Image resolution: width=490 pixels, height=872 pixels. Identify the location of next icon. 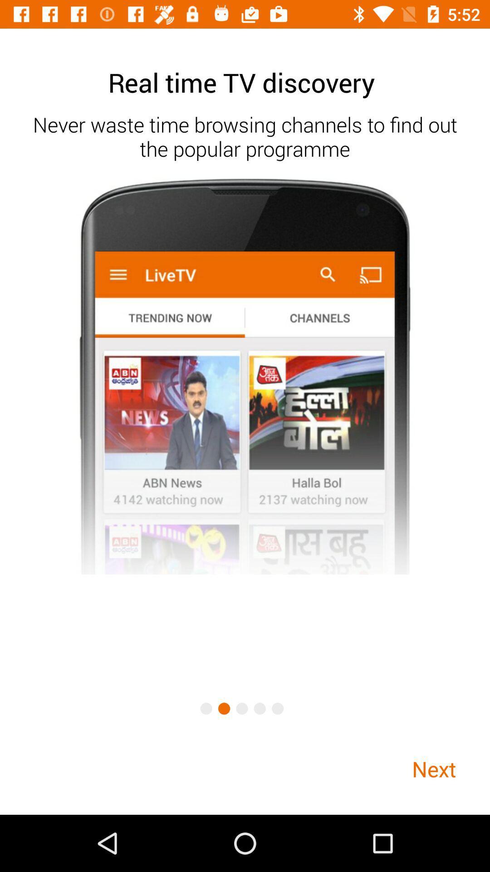
(433, 768).